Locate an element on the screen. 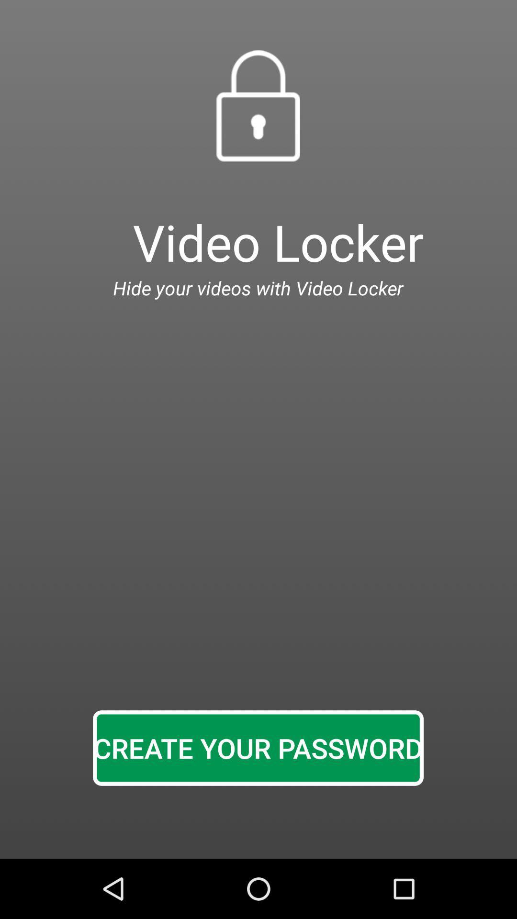 This screenshot has height=919, width=517. the item below hide your videos item is located at coordinates (258, 748).